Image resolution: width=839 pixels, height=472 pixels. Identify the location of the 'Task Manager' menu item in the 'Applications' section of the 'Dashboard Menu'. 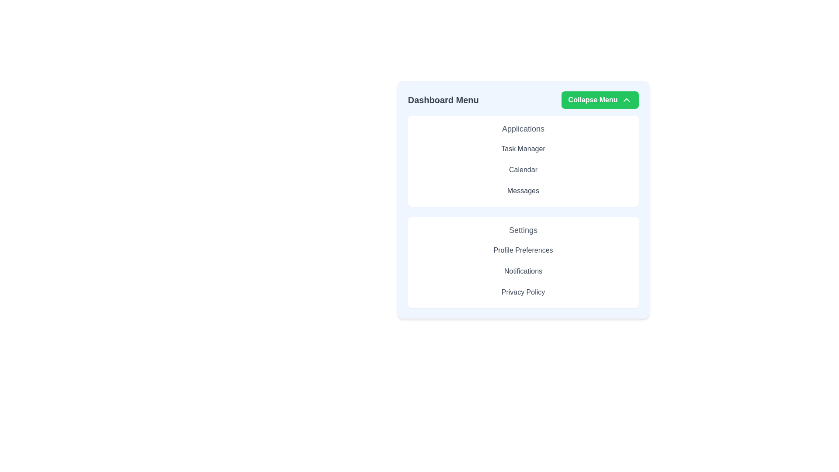
(523, 148).